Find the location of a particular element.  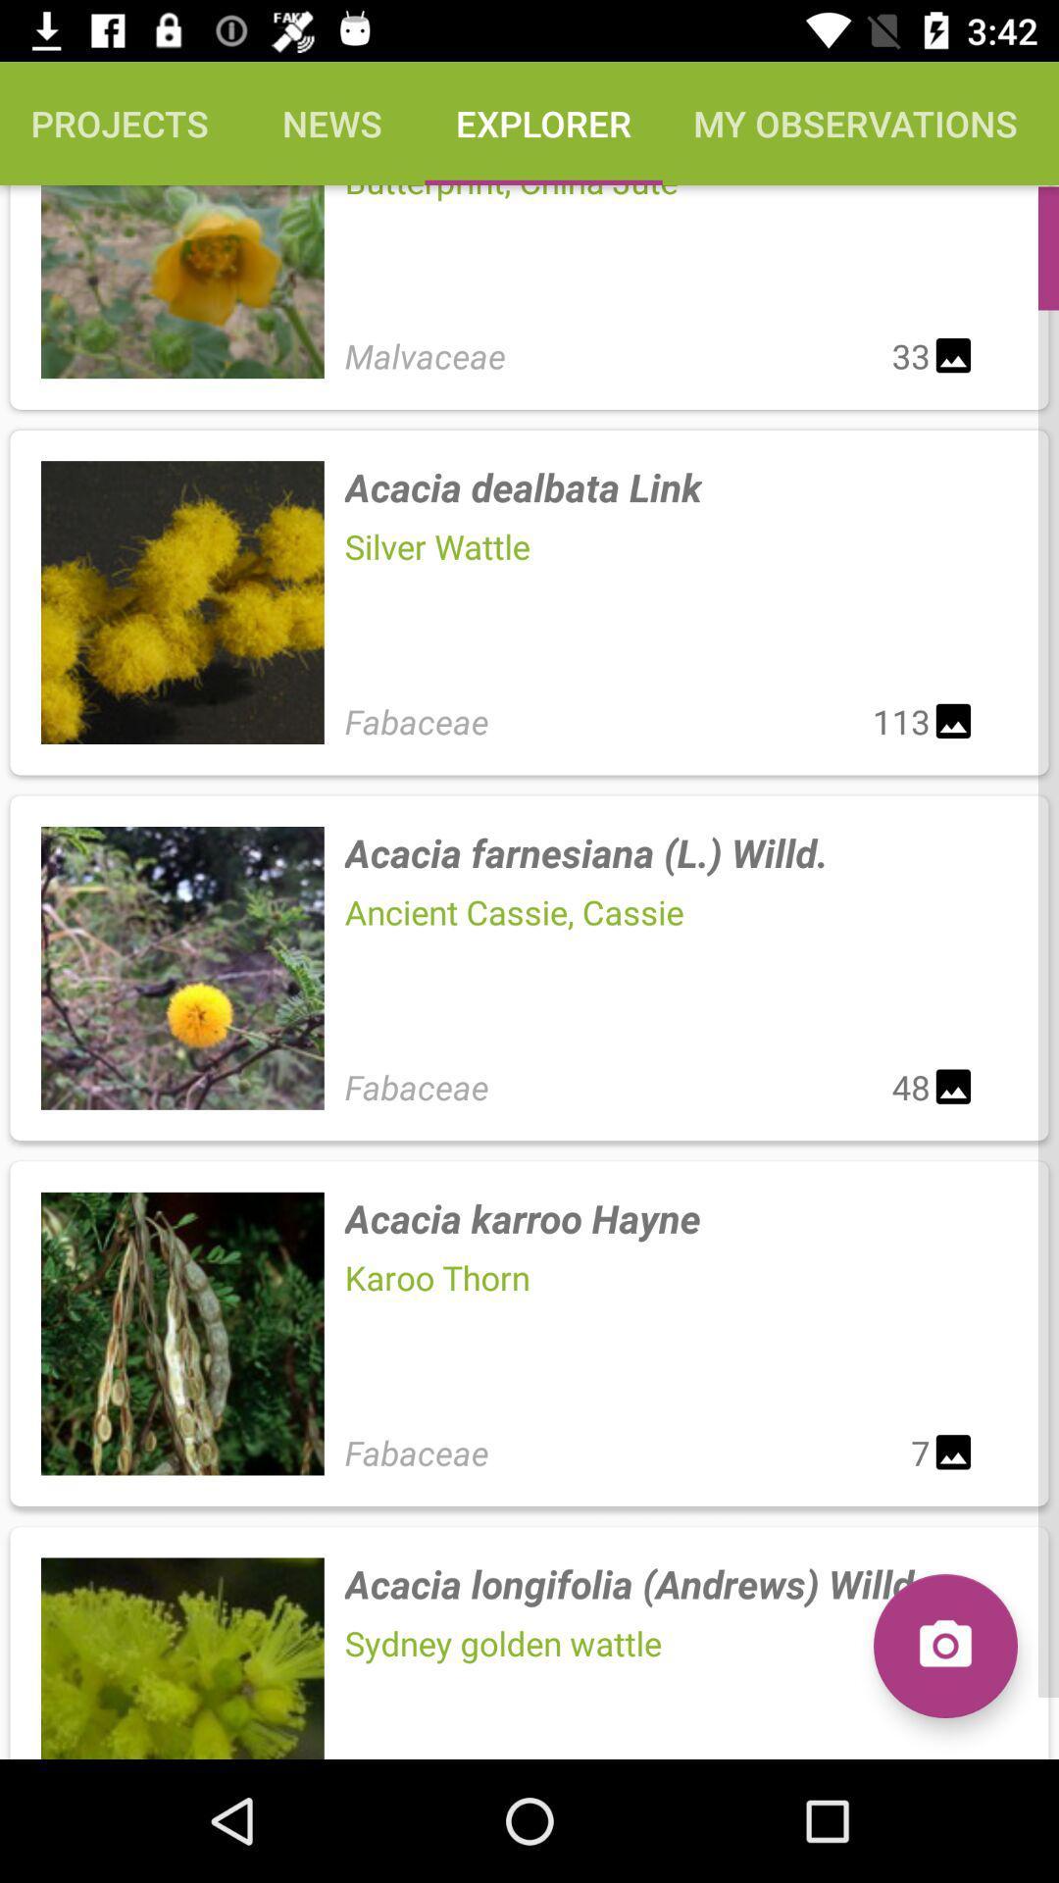

the photo icon is located at coordinates (944, 1646).